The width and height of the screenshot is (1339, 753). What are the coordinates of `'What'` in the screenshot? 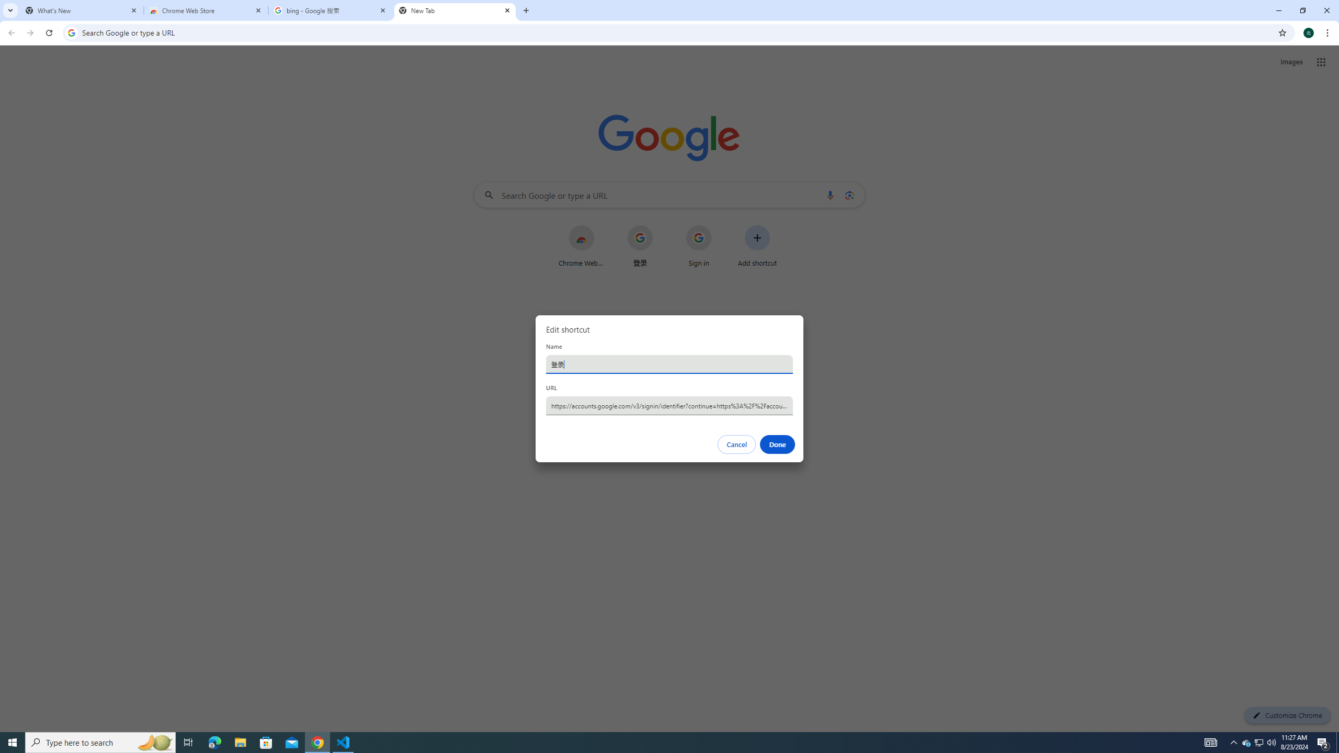 It's located at (81, 10).